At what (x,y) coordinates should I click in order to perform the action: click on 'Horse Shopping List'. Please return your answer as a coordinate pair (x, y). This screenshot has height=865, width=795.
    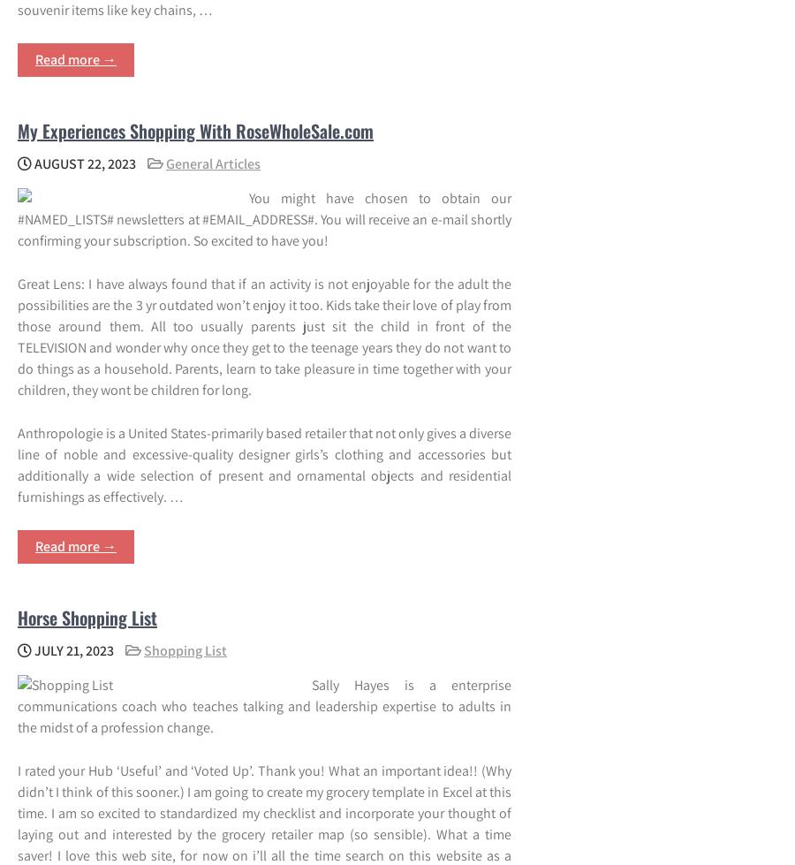
    Looking at the image, I should click on (87, 616).